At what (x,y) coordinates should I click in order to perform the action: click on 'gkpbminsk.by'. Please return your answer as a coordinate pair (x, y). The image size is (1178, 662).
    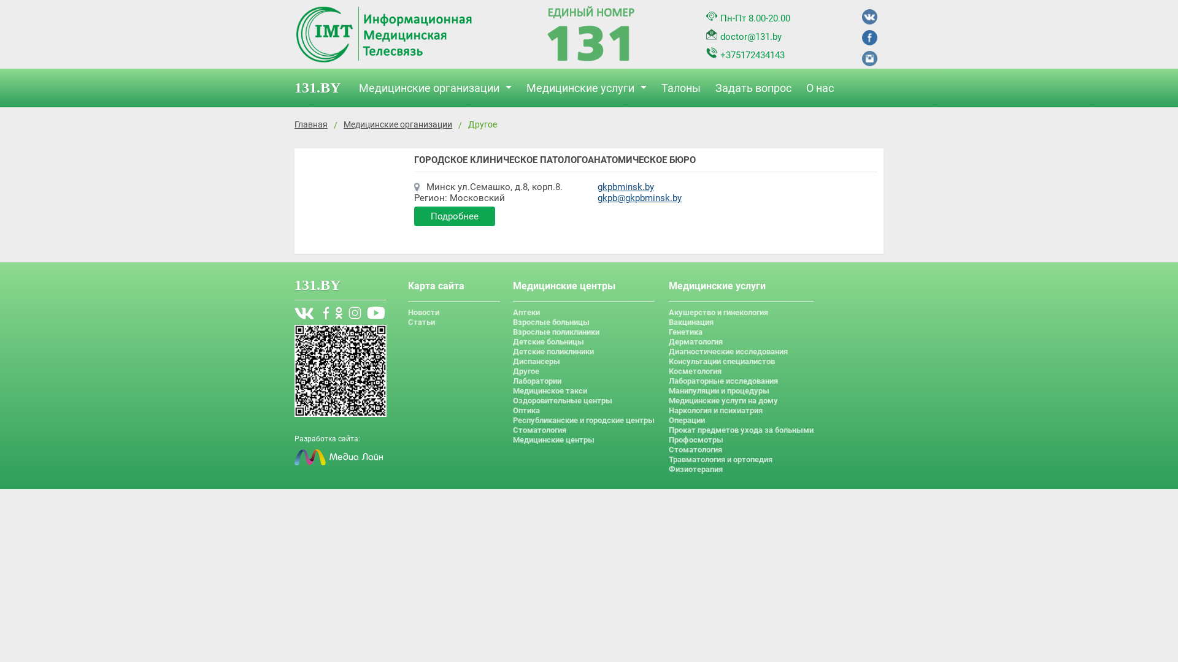
    Looking at the image, I should click on (625, 186).